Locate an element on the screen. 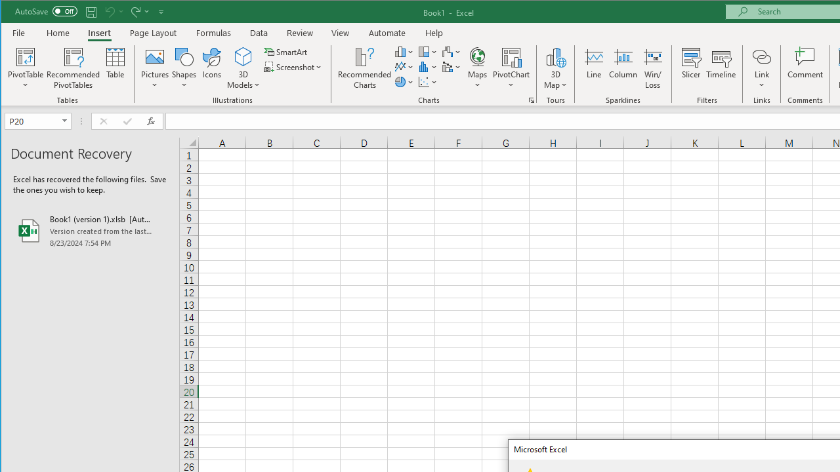 Image resolution: width=840 pixels, height=472 pixels. 'Insert Pie or Doughnut Chart' is located at coordinates (404, 82).